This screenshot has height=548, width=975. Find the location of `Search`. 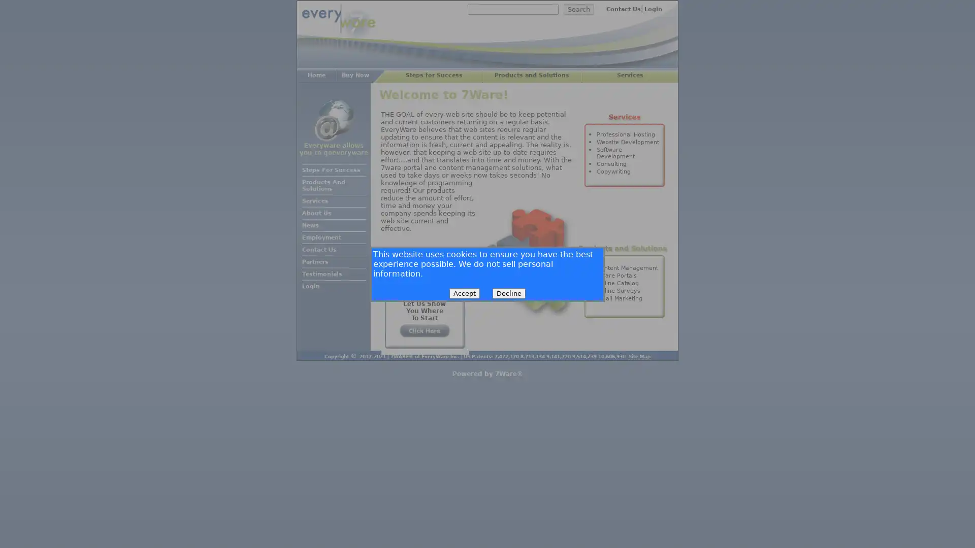

Search is located at coordinates (579, 9).